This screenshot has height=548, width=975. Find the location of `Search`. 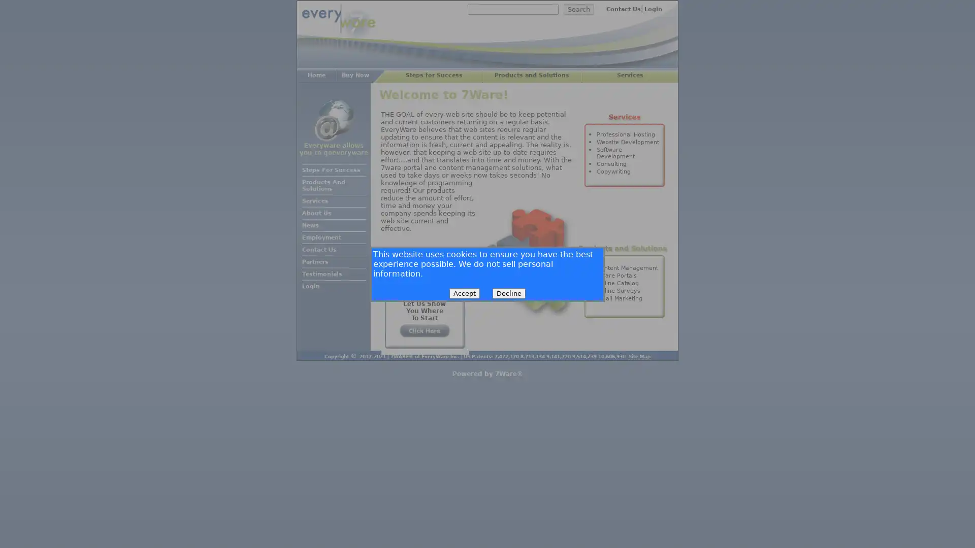

Search is located at coordinates (579, 9).